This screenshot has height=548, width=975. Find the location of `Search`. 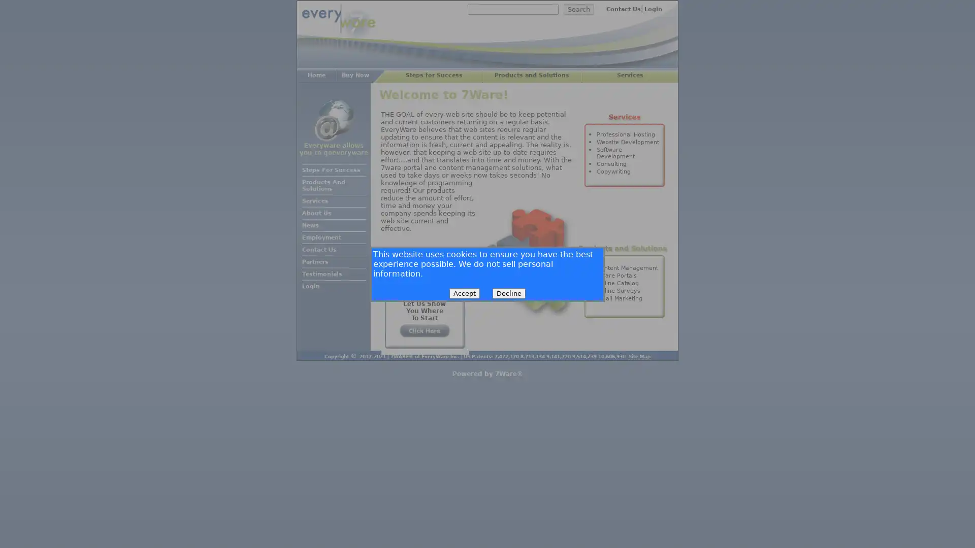

Search is located at coordinates (579, 9).